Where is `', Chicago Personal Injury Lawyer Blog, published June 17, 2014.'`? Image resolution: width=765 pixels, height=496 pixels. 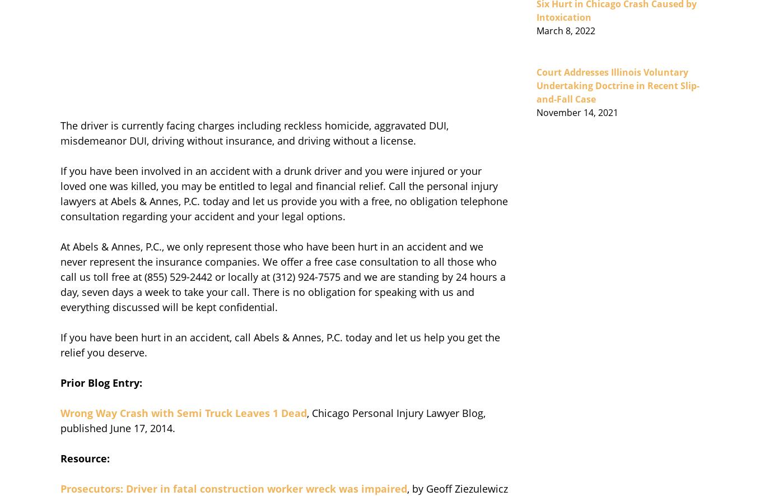
', Chicago Personal Injury Lawyer Blog, published June 17, 2014.' is located at coordinates (273, 420).